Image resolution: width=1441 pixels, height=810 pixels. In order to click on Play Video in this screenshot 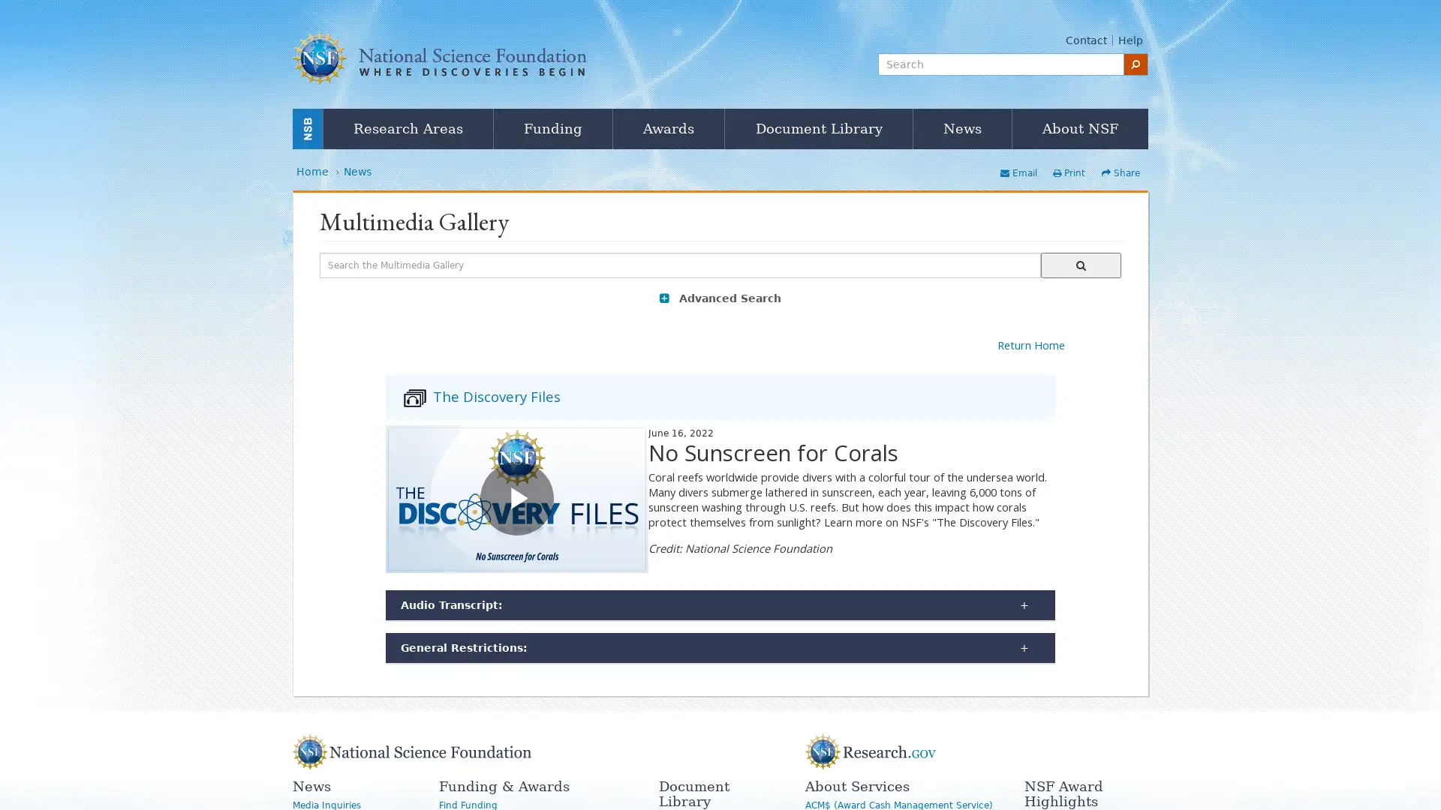, I will do `click(517, 498)`.